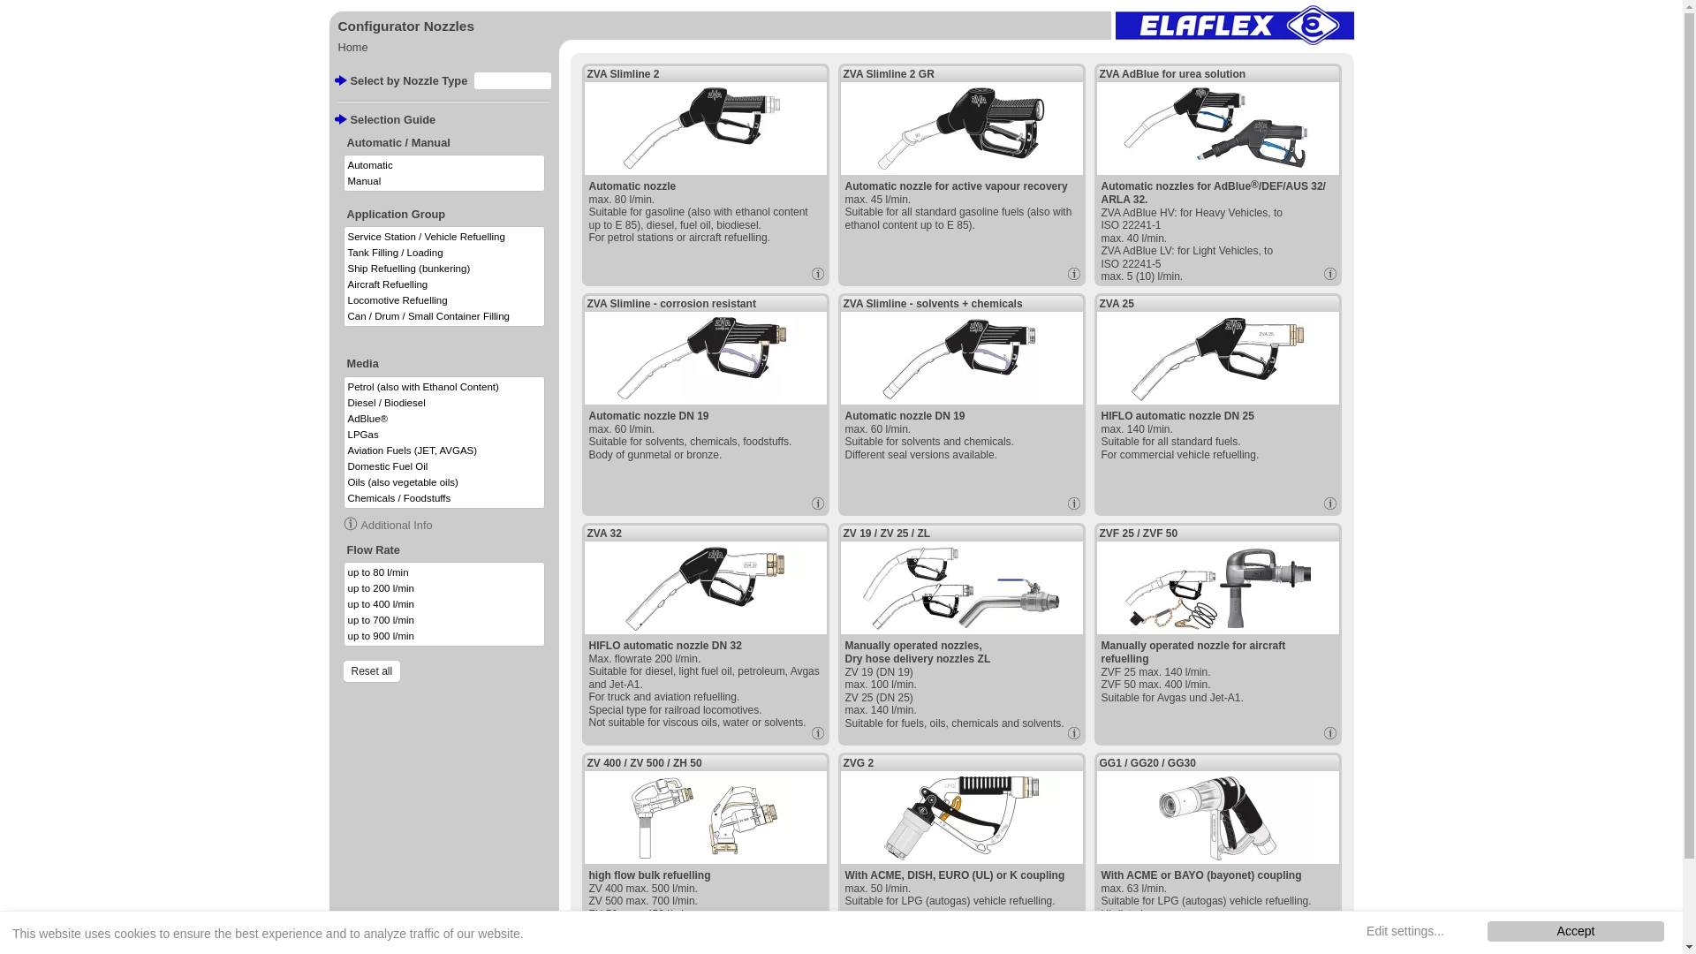  What do you see at coordinates (444, 449) in the screenshot?
I see `'Aviation Fuels (JET, AVGAS)'` at bounding box center [444, 449].